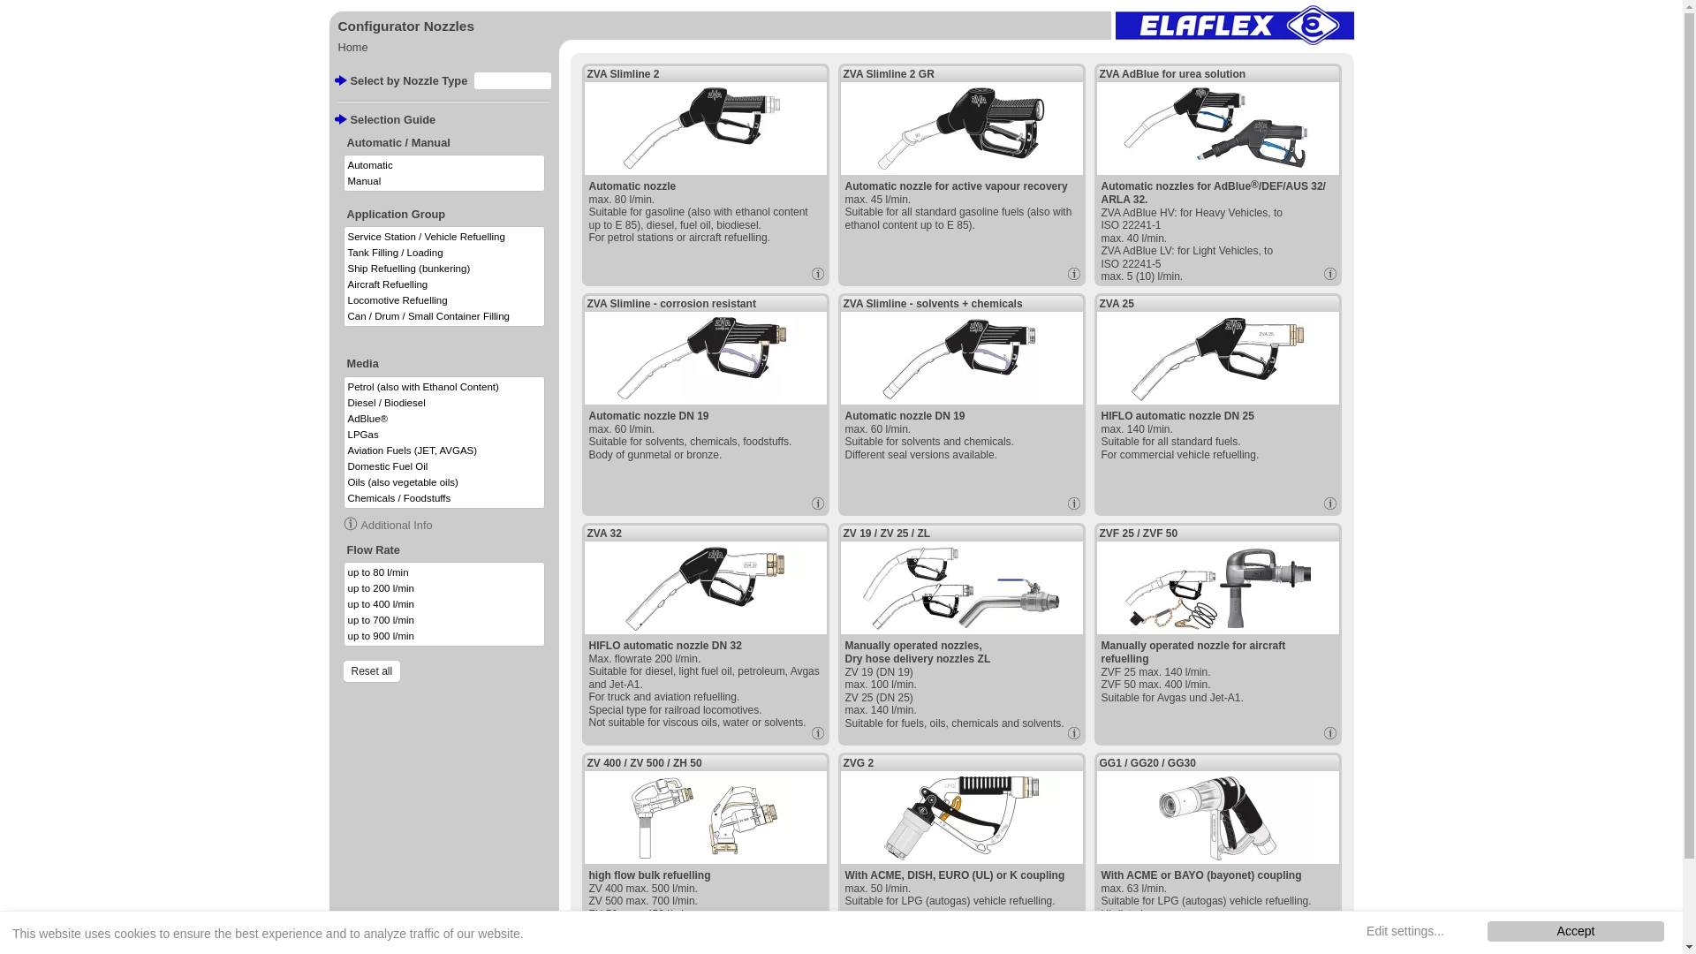  What do you see at coordinates (444, 449) in the screenshot?
I see `'Aviation Fuels (JET, AVGAS)'` at bounding box center [444, 449].